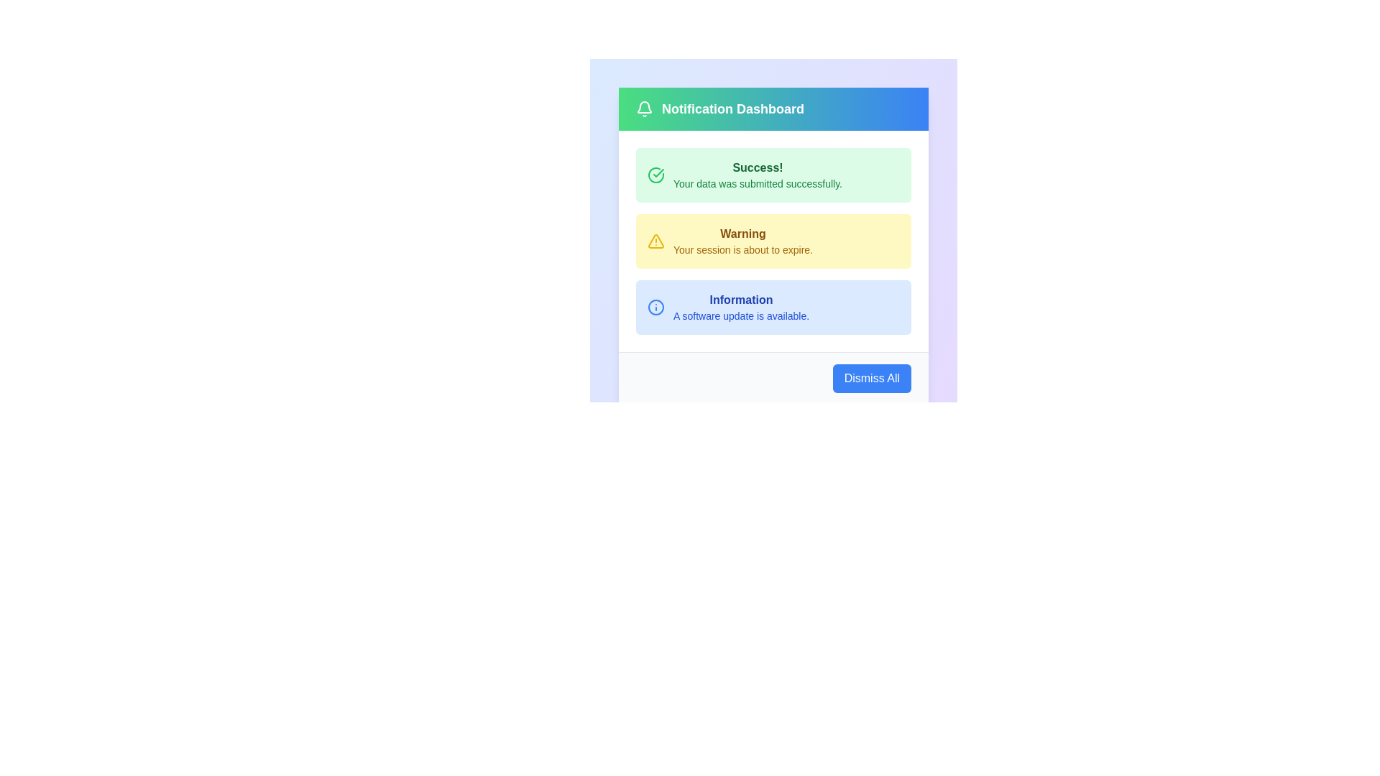 The image size is (1380, 776). What do you see at coordinates (733, 108) in the screenshot?
I see `the text label indicating 'Notification Dashboard', which serves as the header for the current section of the interface` at bounding box center [733, 108].